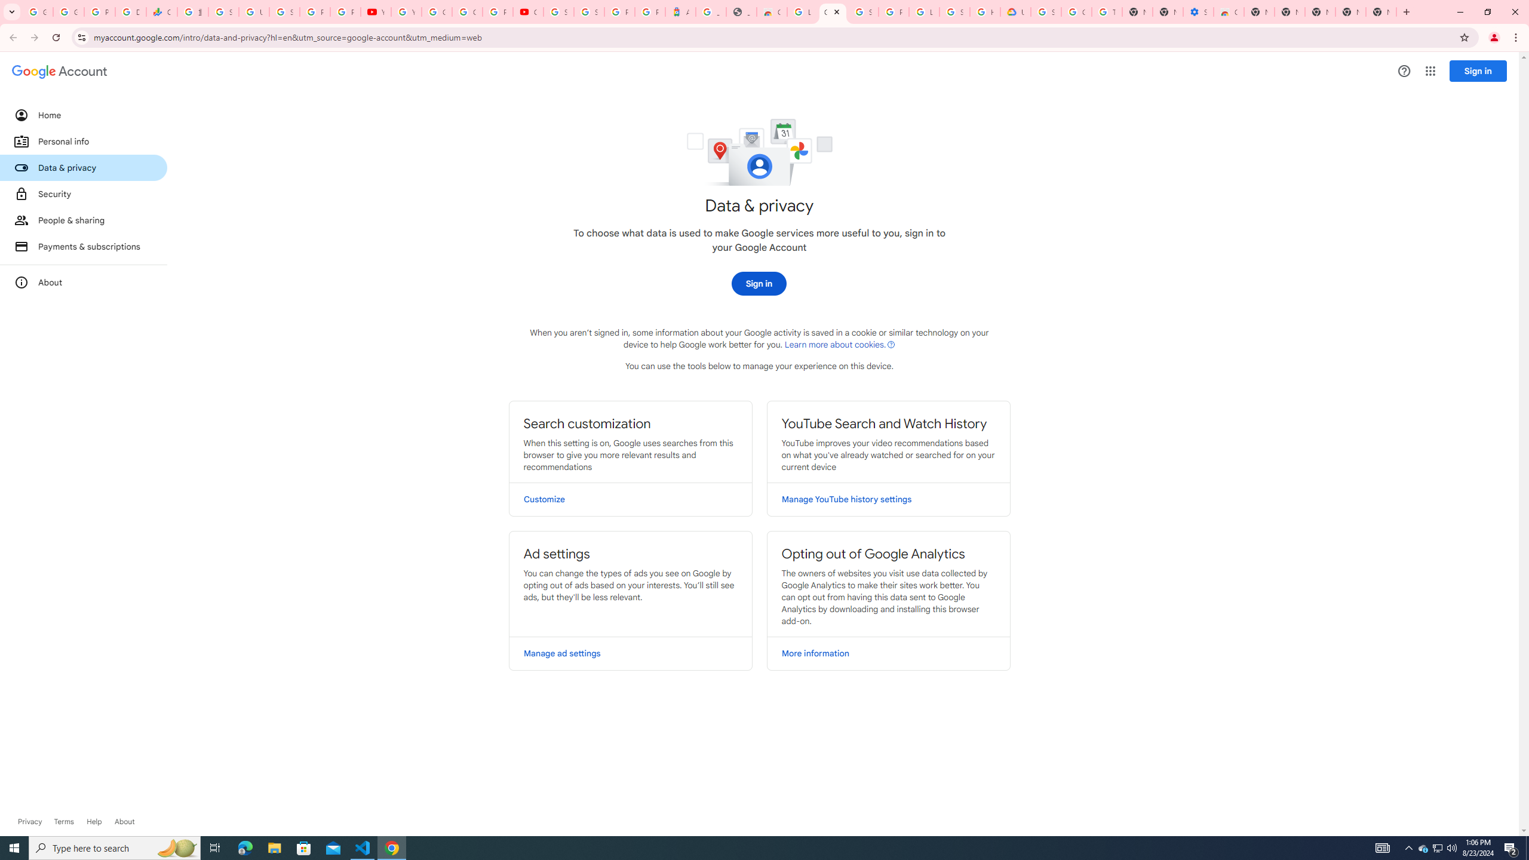  What do you see at coordinates (59, 71) in the screenshot?
I see `'Google Account settings'` at bounding box center [59, 71].